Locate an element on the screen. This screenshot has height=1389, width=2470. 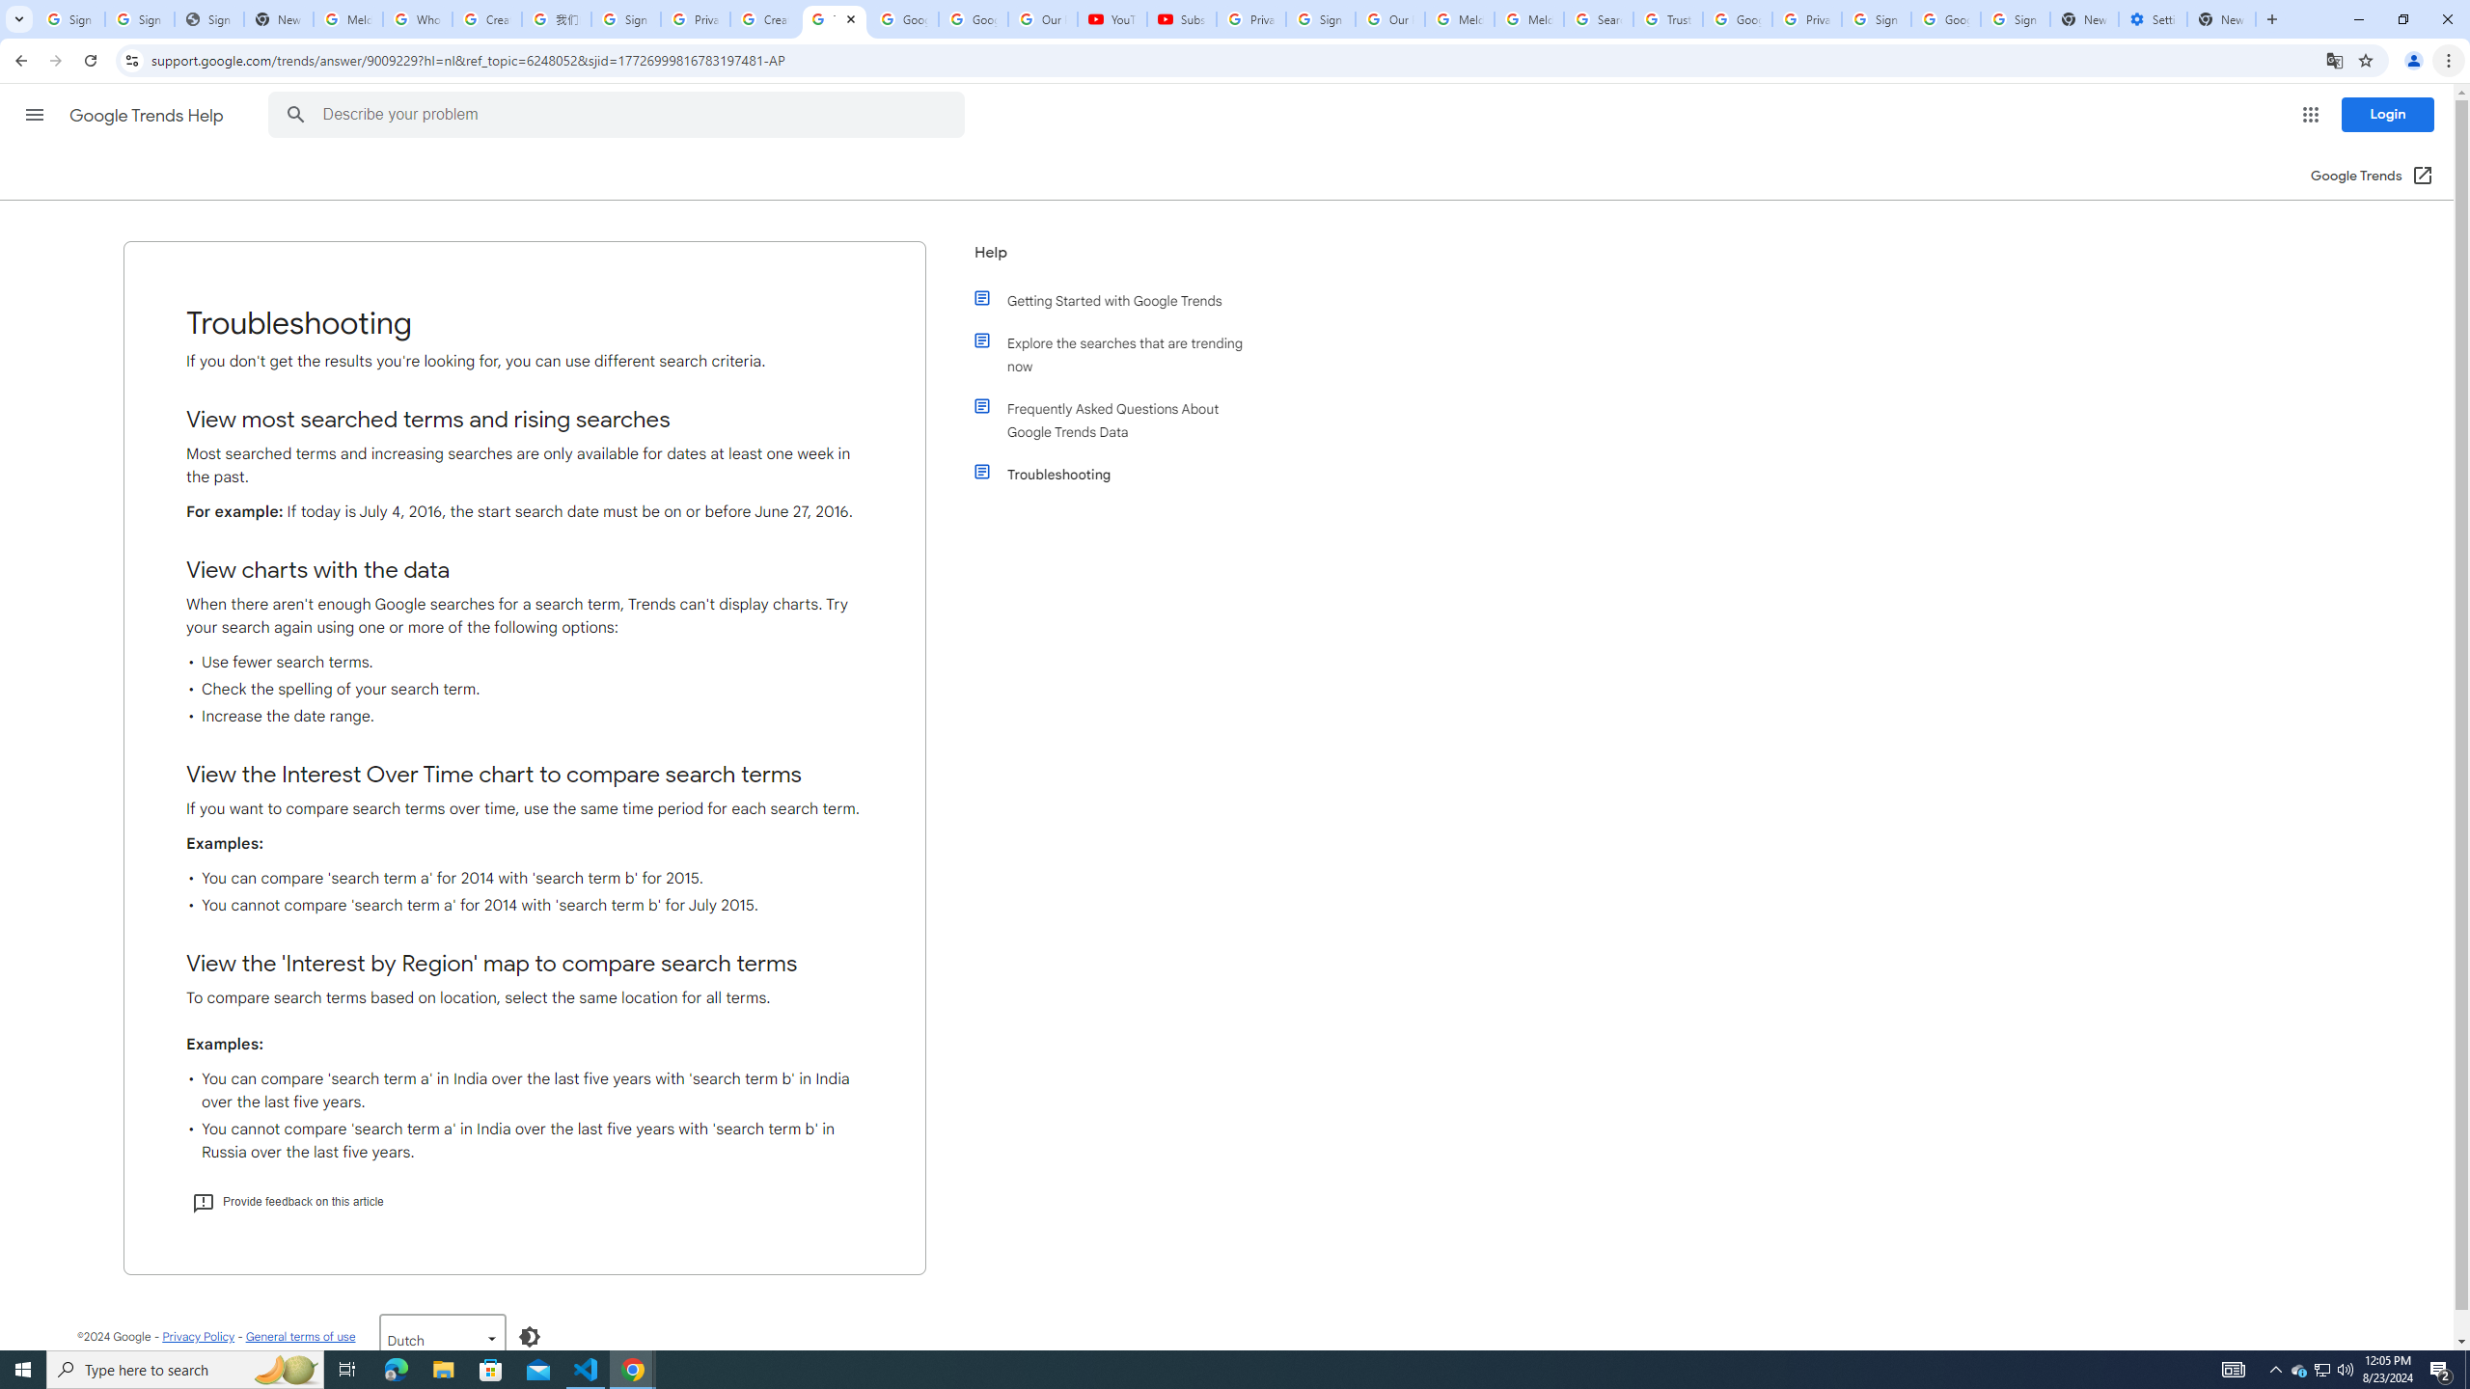
'Provide feedback on this article' is located at coordinates (287, 1201).